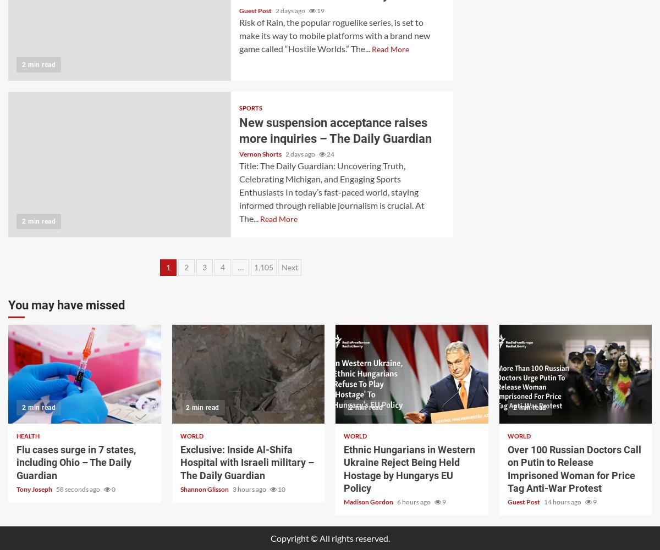 This screenshot has width=660, height=550. What do you see at coordinates (524, 502) in the screenshot?
I see `'Guest Post'` at bounding box center [524, 502].